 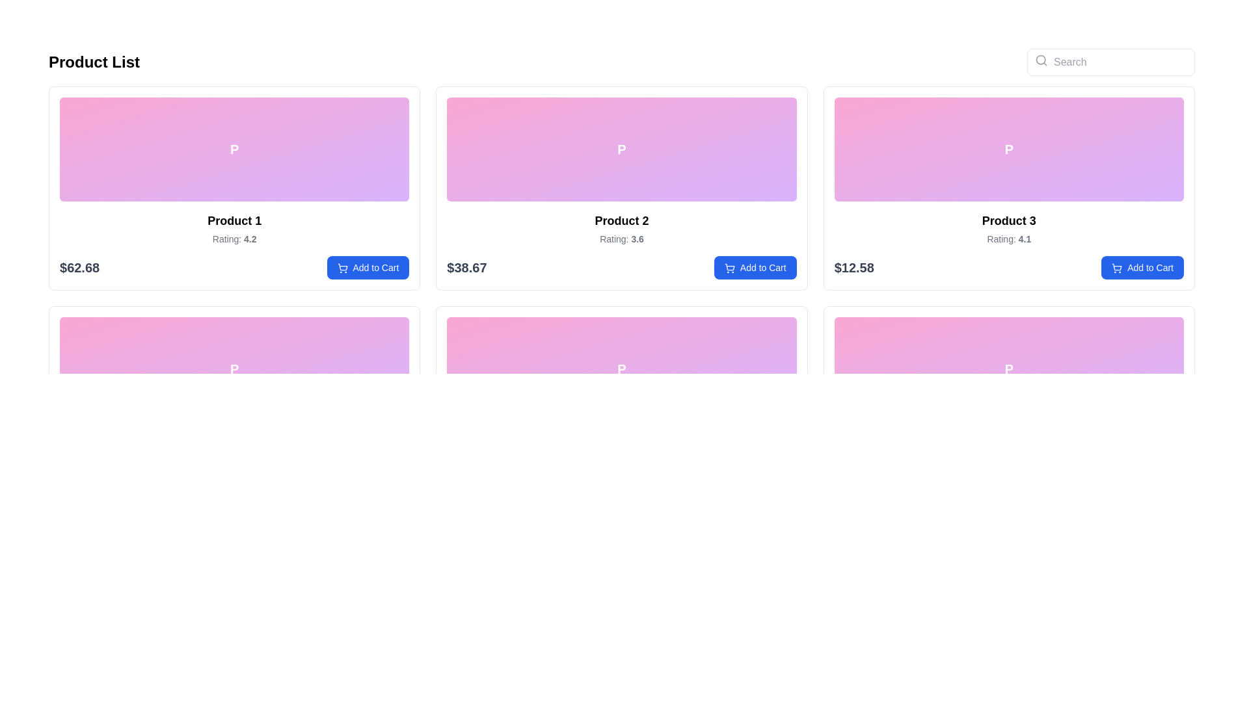 I want to click on the text heading element that displays 'Product 3', which is styled in bold black font on a white background, located centrally above the rating text in the product card, so click(x=1008, y=220).